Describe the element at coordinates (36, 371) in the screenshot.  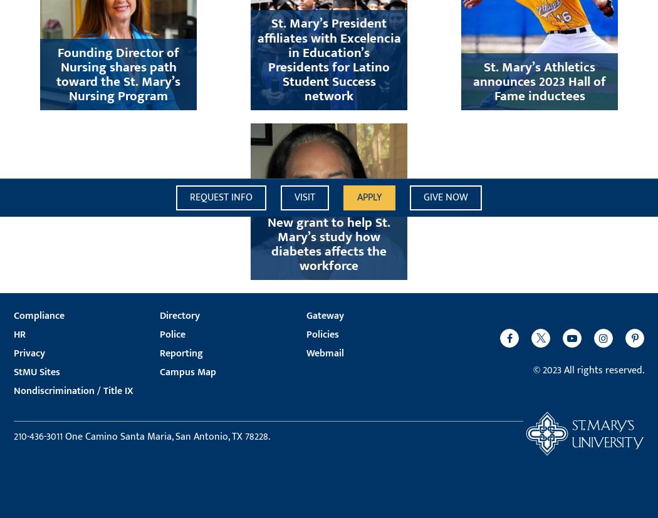
I see `'StMU Sites'` at that location.